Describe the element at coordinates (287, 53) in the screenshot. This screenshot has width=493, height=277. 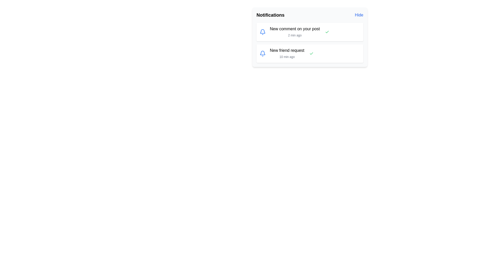
I see `notification information from the text label indicating a new friend request received 10 minutes ago, which is the second item in the notification list below the 'New comment on your post' notification` at that location.